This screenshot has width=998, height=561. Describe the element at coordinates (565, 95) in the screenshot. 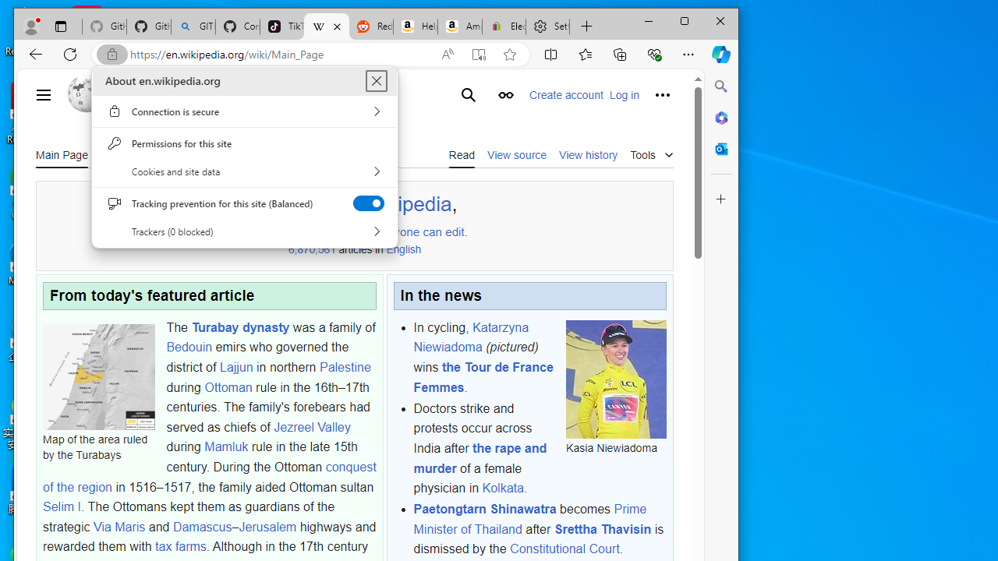

I see `'Create account'` at that location.